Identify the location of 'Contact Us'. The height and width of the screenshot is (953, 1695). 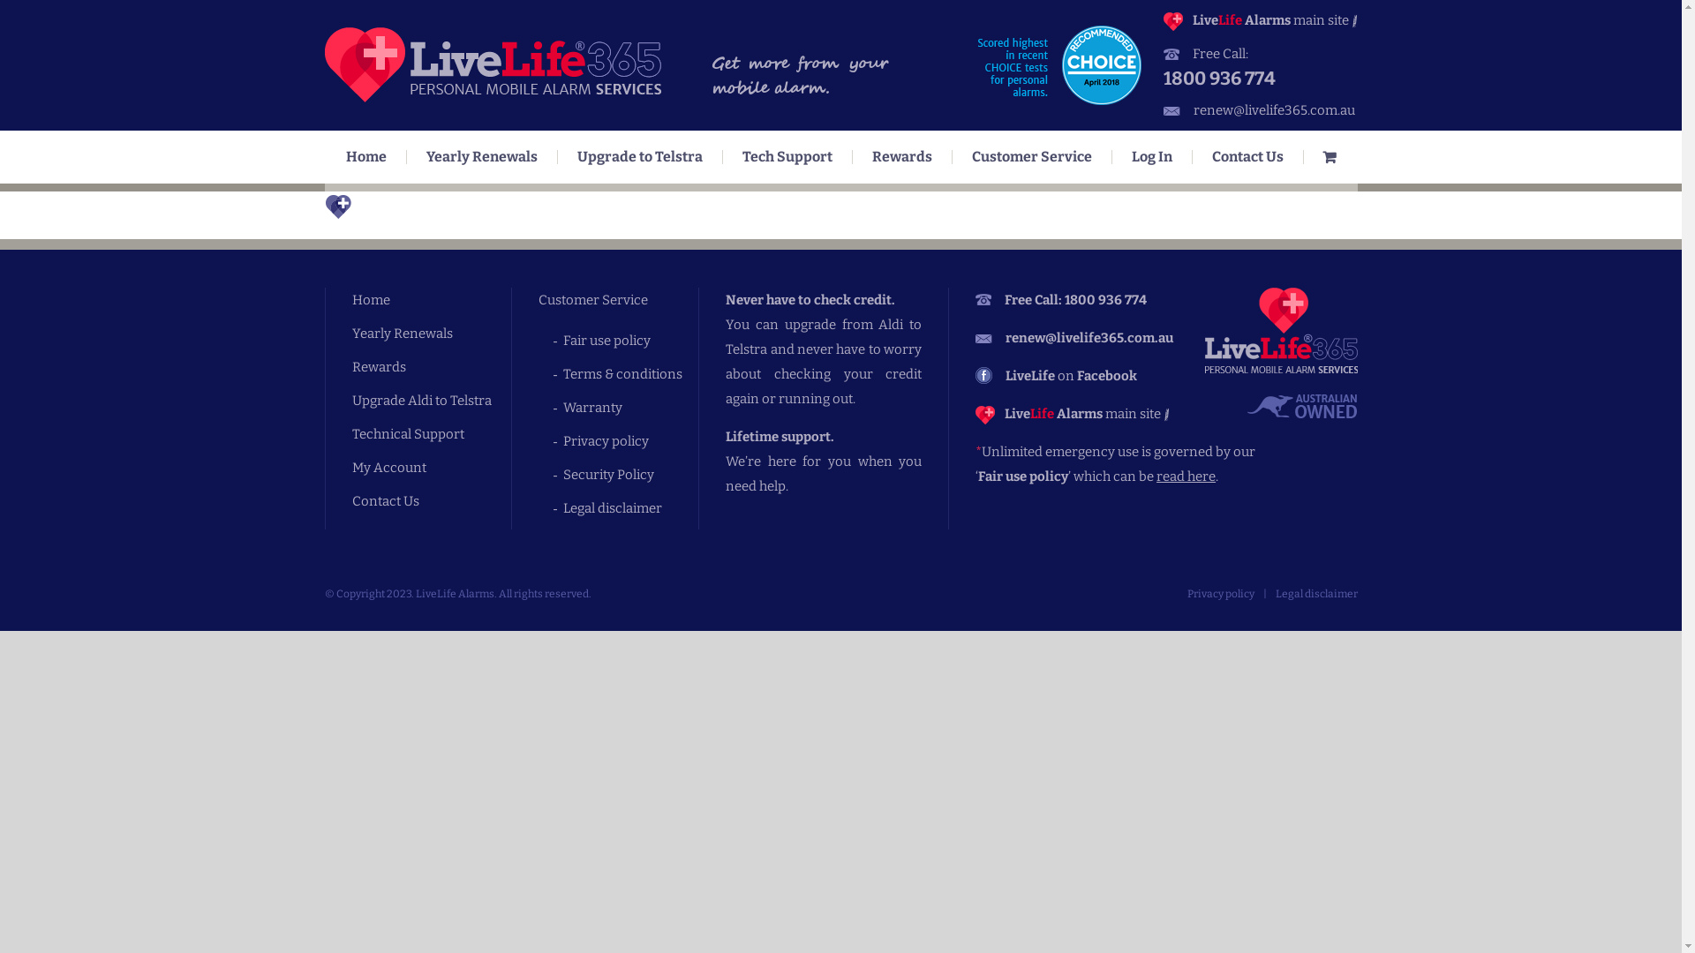
(351, 500).